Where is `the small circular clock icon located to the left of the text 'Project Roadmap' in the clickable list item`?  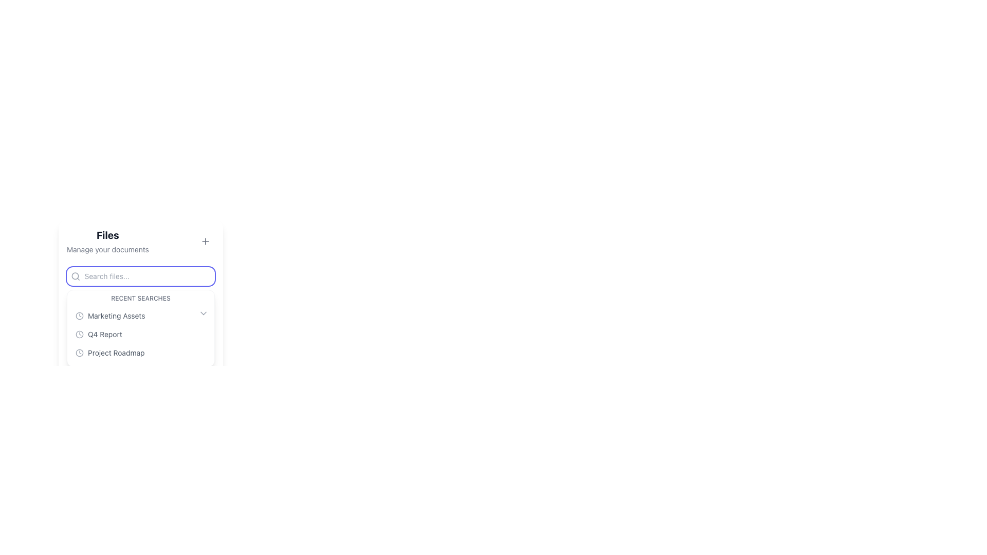
the small circular clock icon located to the left of the text 'Project Roadmap' in the clickable list item is located at coordinates (79, 352).